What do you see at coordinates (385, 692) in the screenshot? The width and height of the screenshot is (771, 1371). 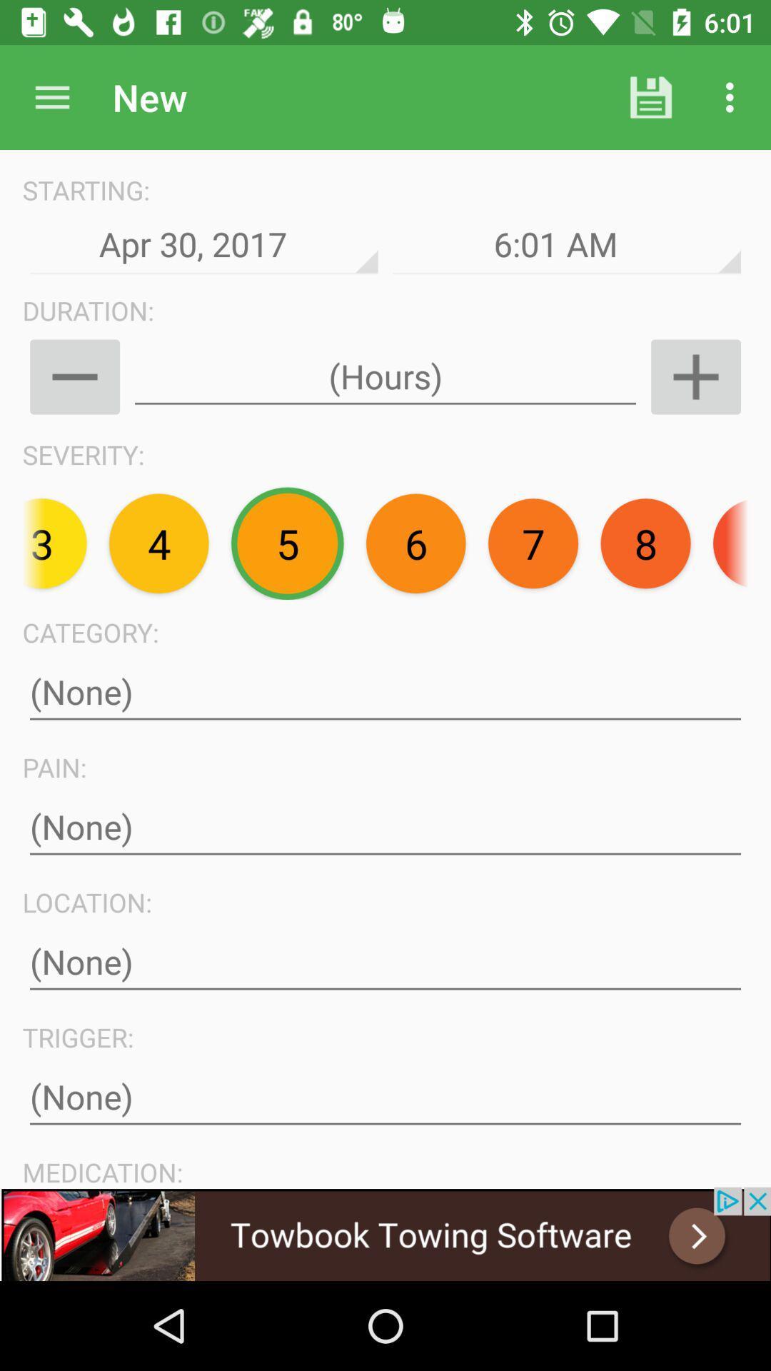 I see `name` at bounding box center [385, 692].